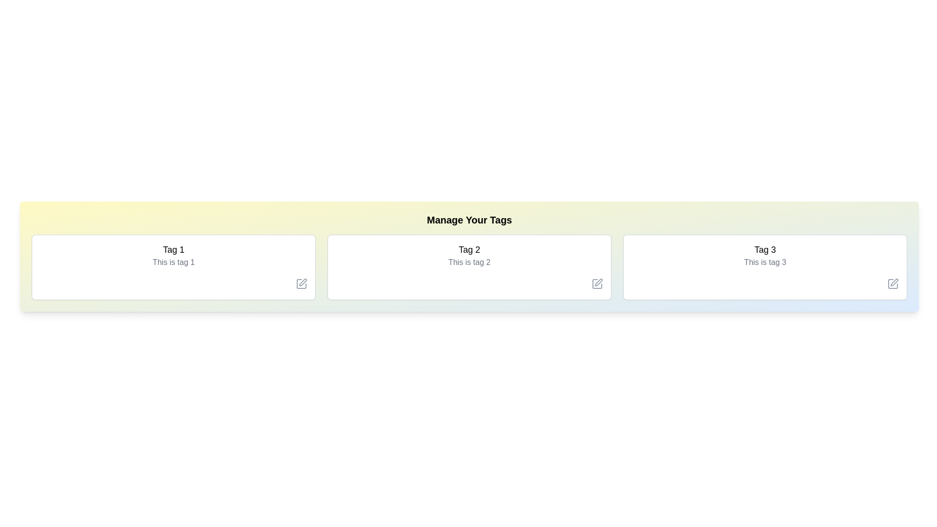  What do you see at coordinates (893, 284) in the screenshot?
I see `the 'Edit' icon for the tag with label Tag 3` at bounding box center [893, 284].